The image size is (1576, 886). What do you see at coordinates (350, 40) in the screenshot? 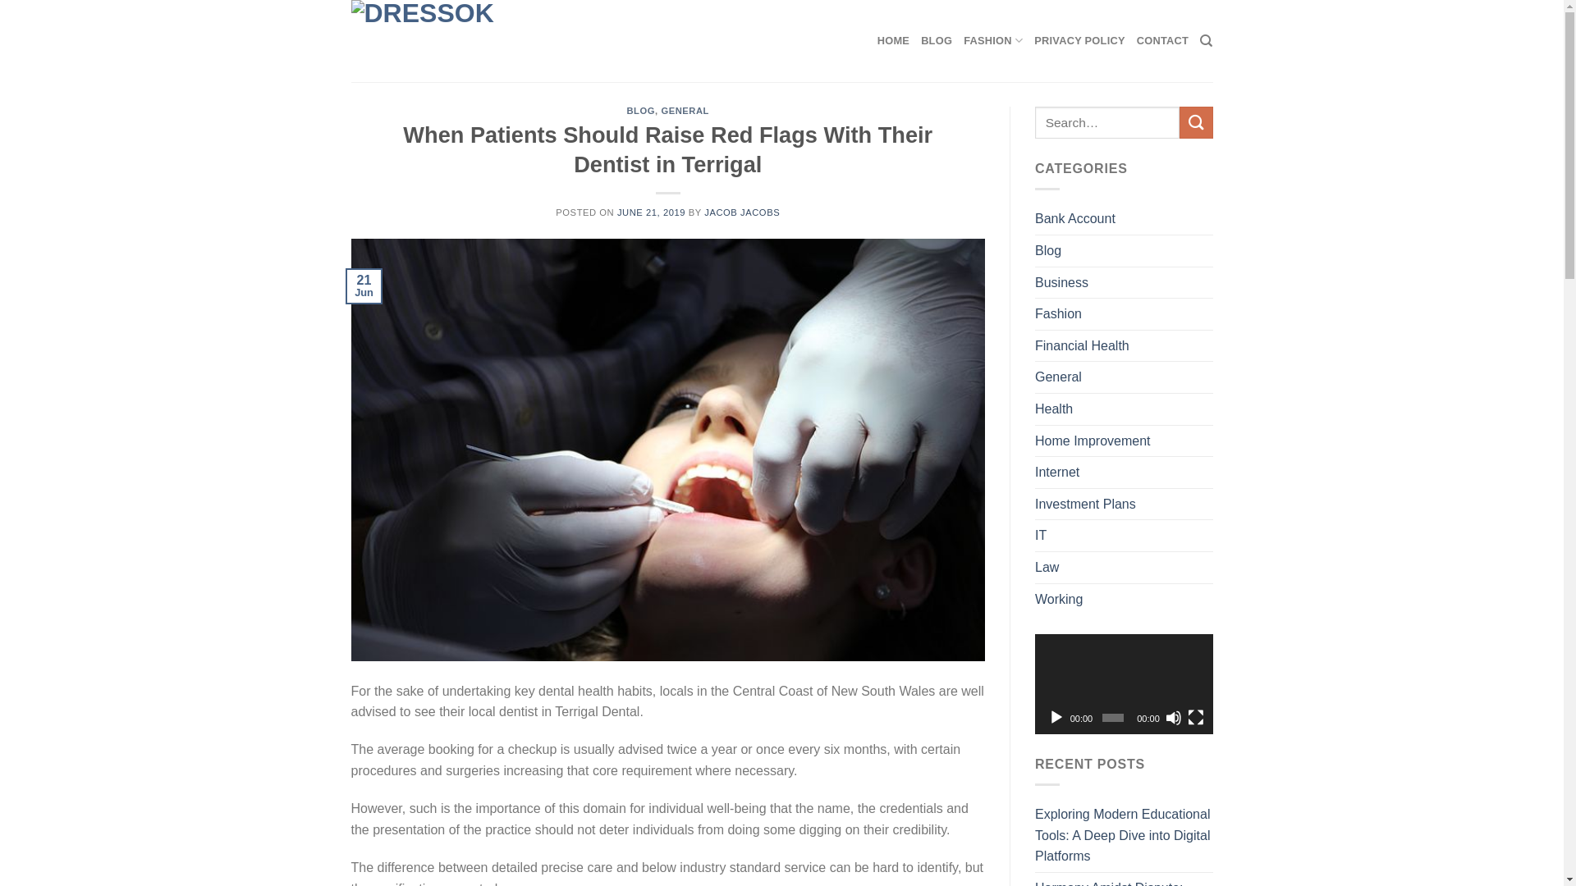
I see `'DressOK - Trendy and techy news'` at bounding box center [350, 40].